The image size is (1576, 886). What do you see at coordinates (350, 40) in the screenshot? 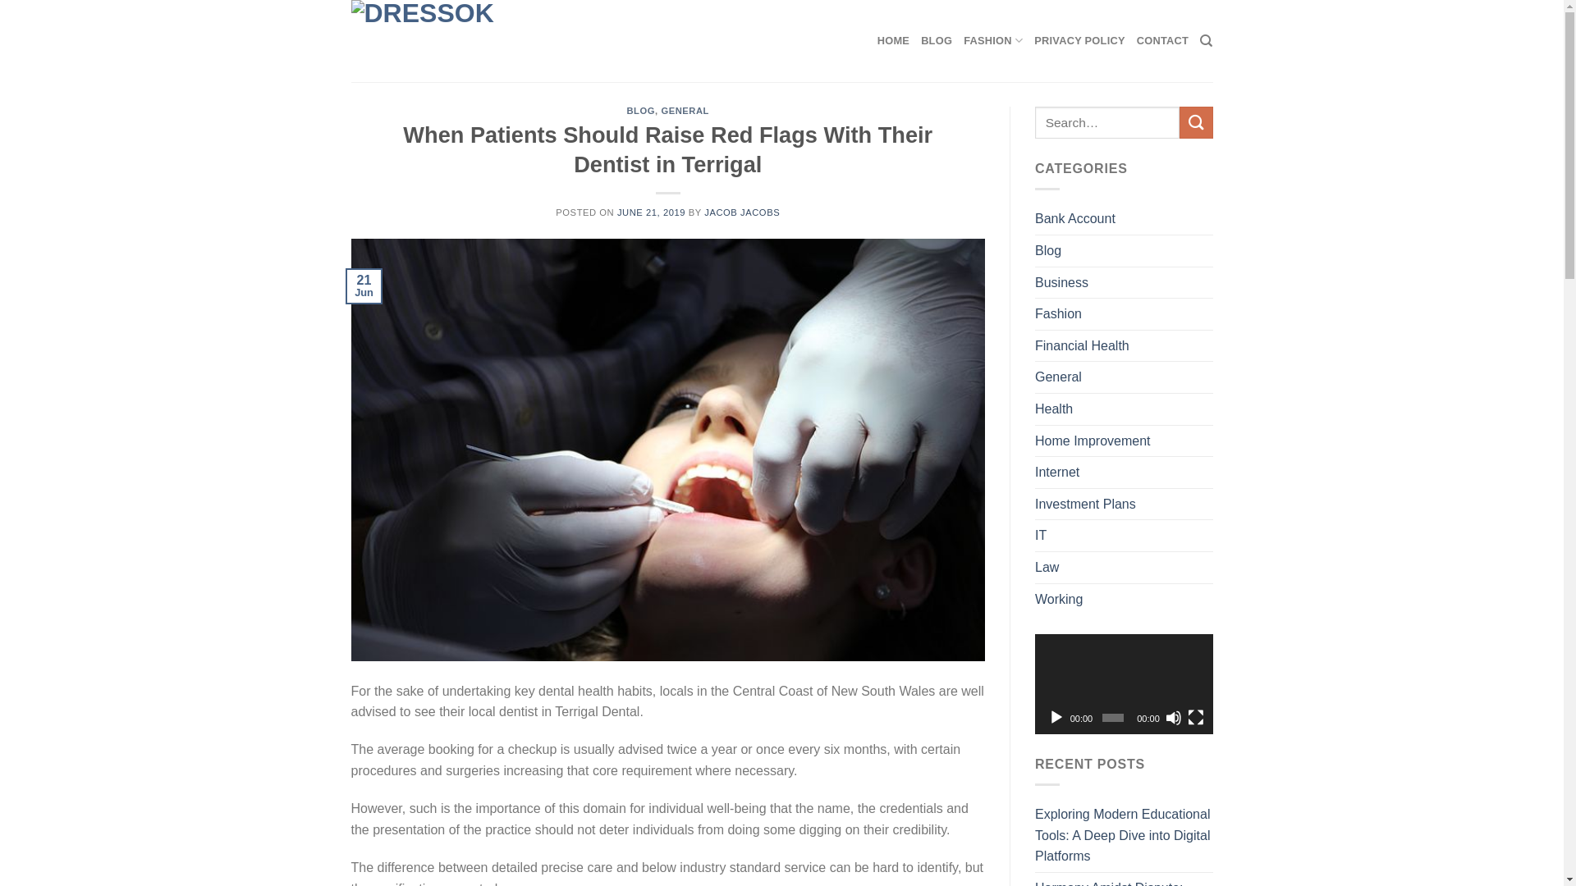
I see `'DressOK - Trendy and techy news'` at bounding box center [350, 40].